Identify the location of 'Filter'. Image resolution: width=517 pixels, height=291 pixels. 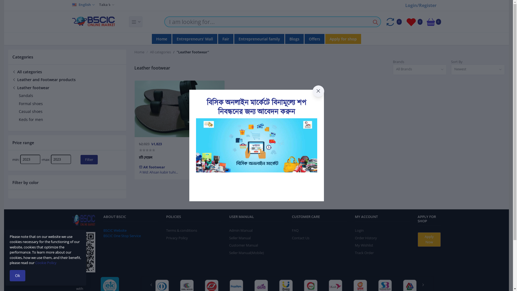
(80, 159).